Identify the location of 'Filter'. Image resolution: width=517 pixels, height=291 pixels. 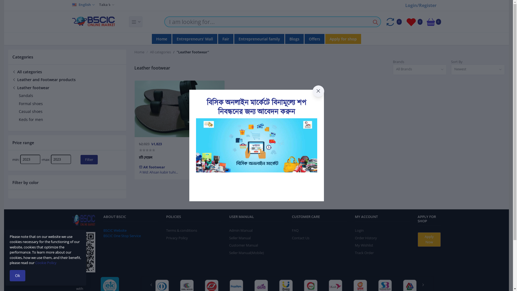
(80, 159).